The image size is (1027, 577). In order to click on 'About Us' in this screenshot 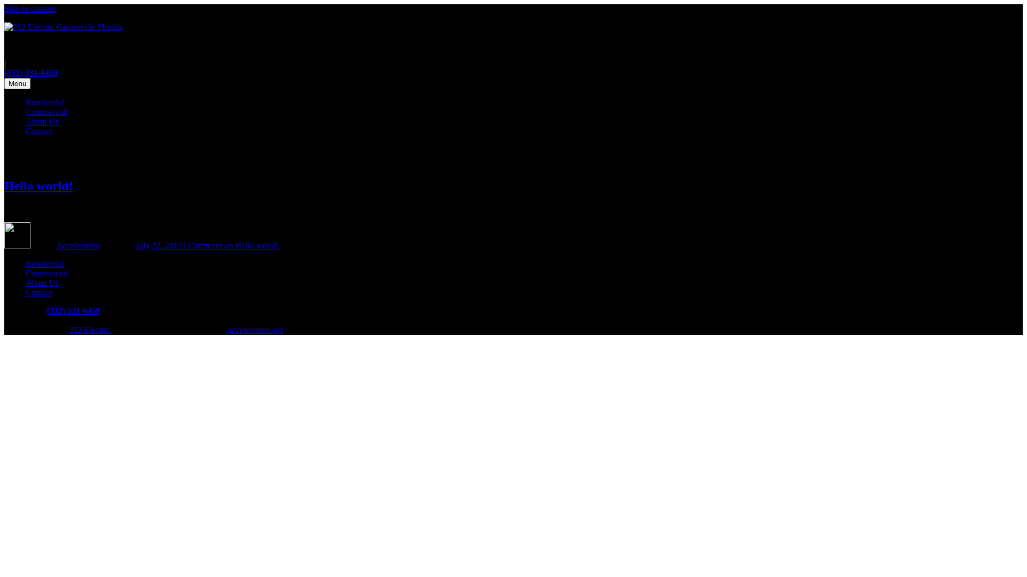, I will do `click(42, 282)`.